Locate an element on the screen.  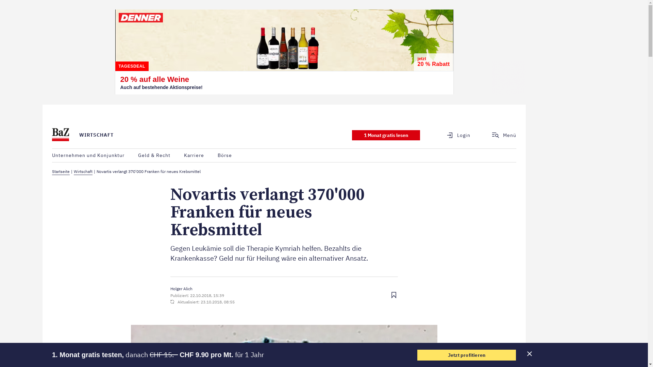
'Unternehmen und Konjunktur' is located at coordinates (52, 155).